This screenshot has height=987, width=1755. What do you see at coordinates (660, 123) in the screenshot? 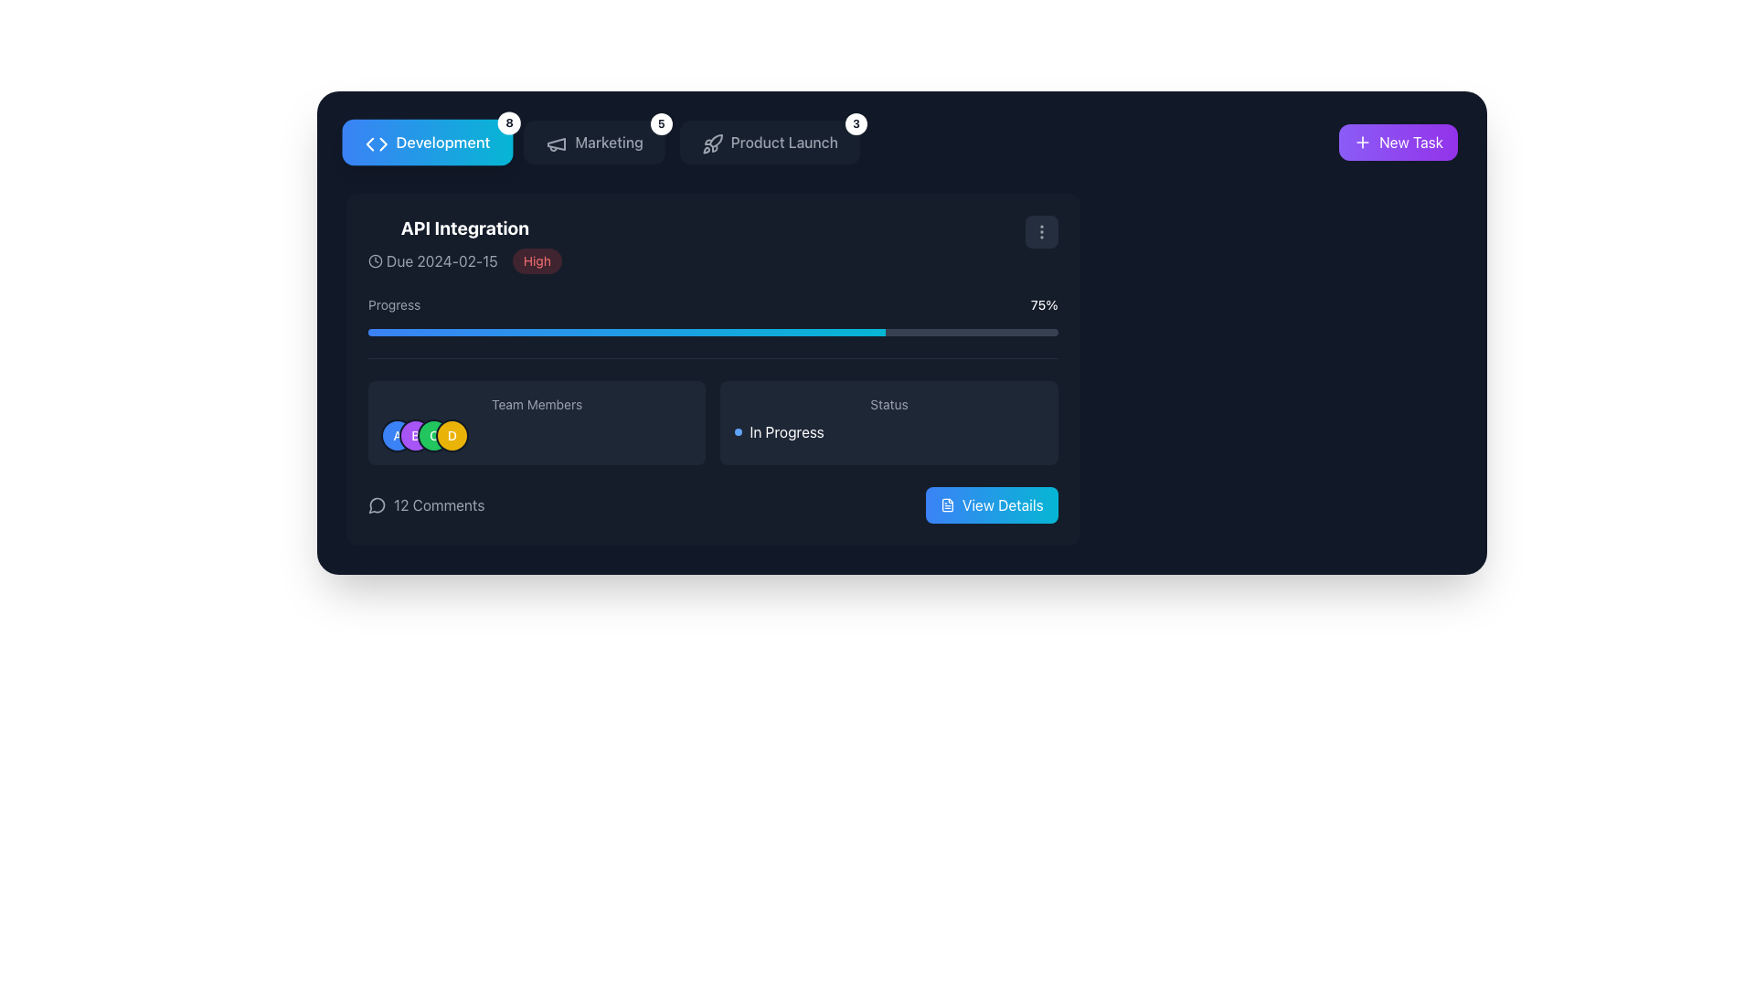
I see `the Notification badge element` at bounding box center [660, 123].